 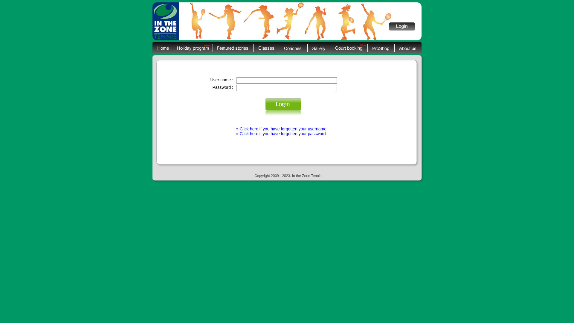 What do you see at coordinates (193, 47) in the screenshot?
I see `'School Holiday Programs'` at bounding box center [193, 47].